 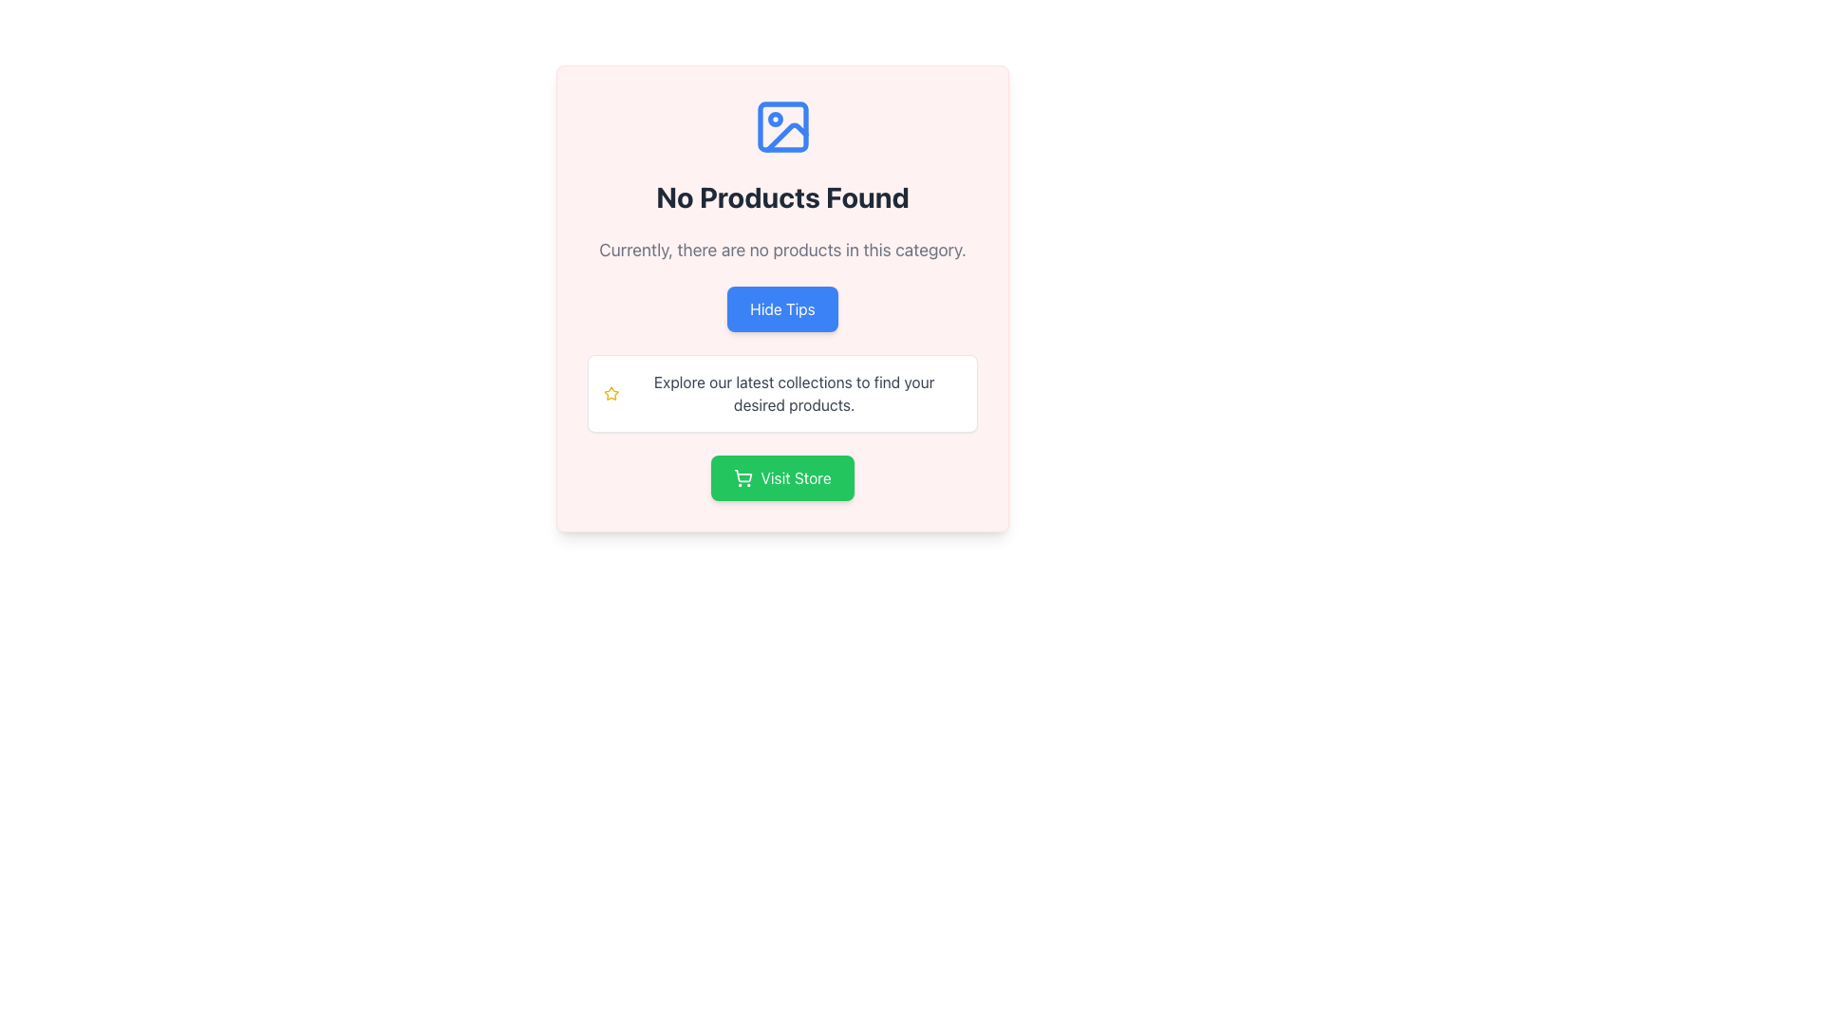 I want to click on the 'Hide Tips' button, so click(x=782, y=308).